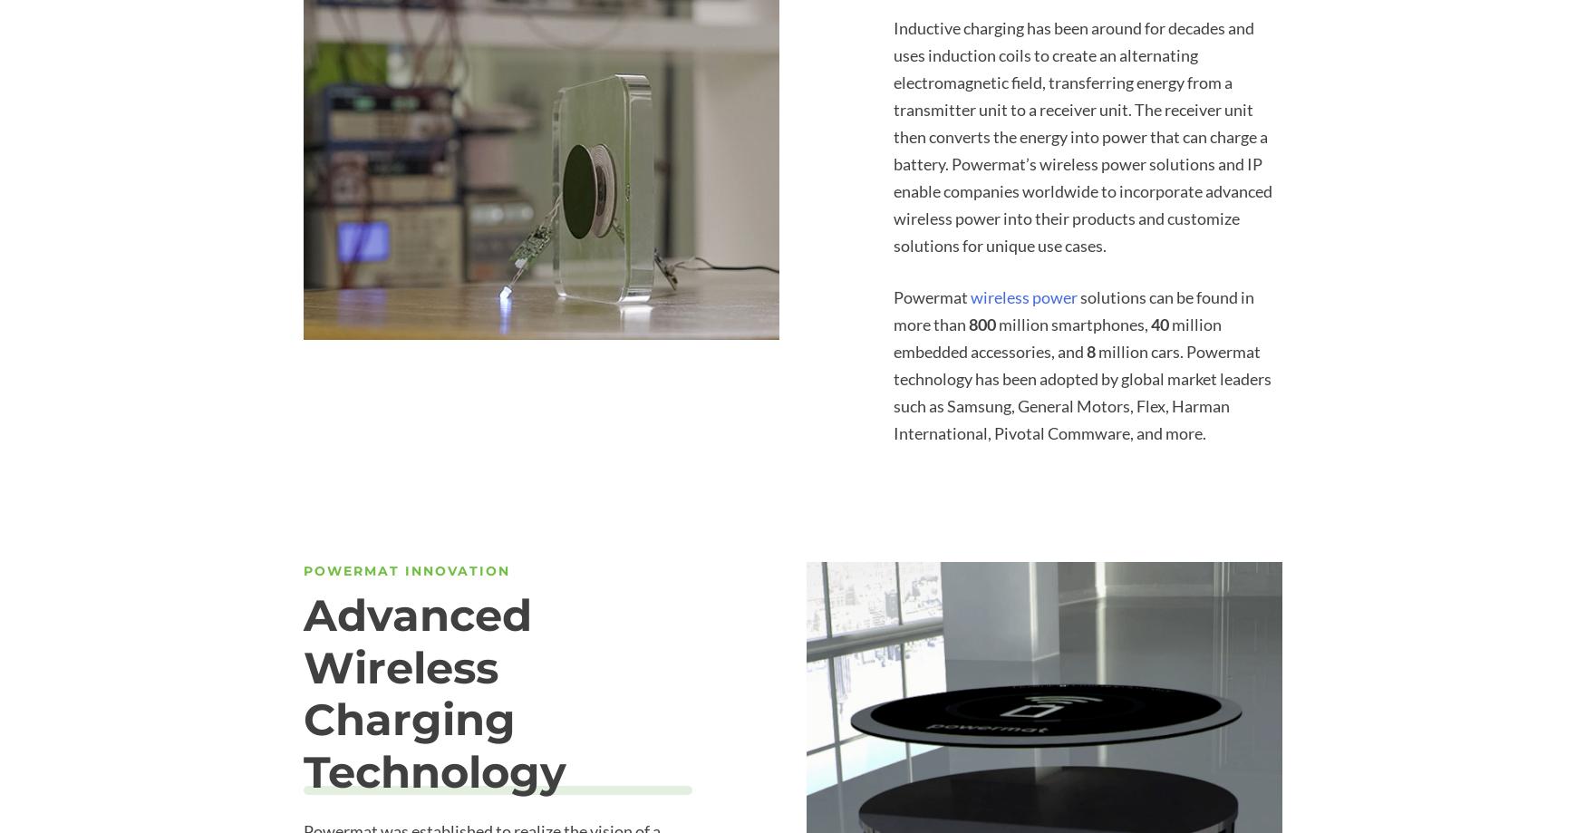 The image size is (1586, 833). What do you see at coordinates (1083, 135) in the screenshot?
I see `'Inductive charging has been around for decades and uses induction coils to create an alternating electromagnetic field, transferring energy from a transmitter unit to a receiver unit. The receiver unit then converts the energy into power that can charge a battery. Powermat’s wireless power solutions and IP enable companies worldwide to incorporate advanced wireless power into their products and customize solutions for unique use cases.'` at bounding box center [1083, 135].